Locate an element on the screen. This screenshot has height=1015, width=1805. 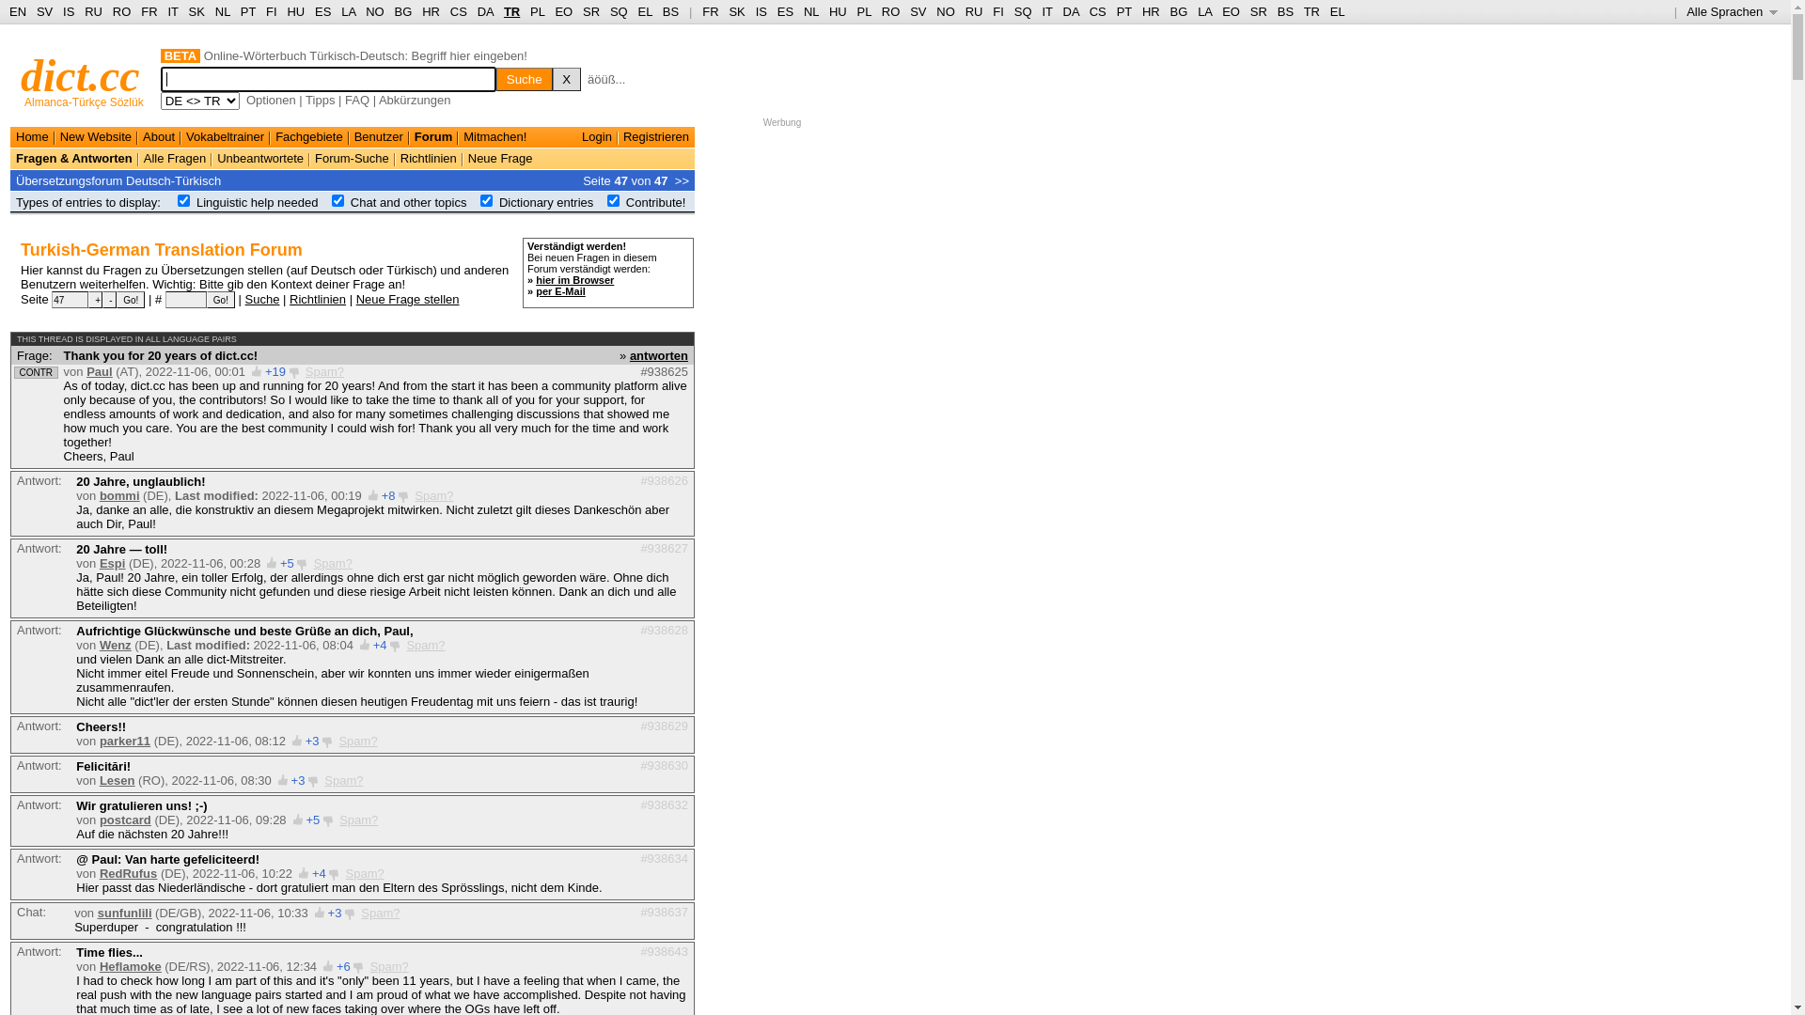
'ES' is located at coordinates (315, 11).